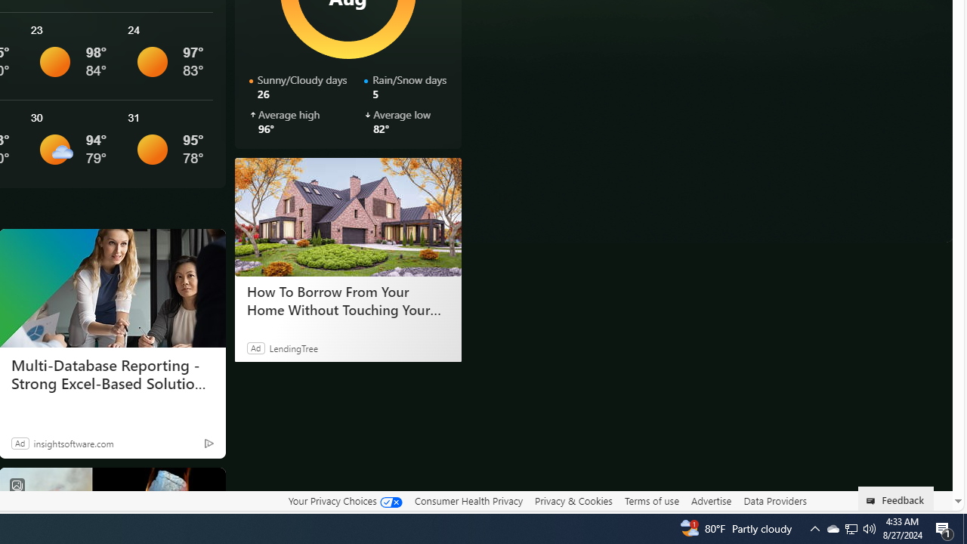  I want to click on 'Terms of use', so click(651, 501).